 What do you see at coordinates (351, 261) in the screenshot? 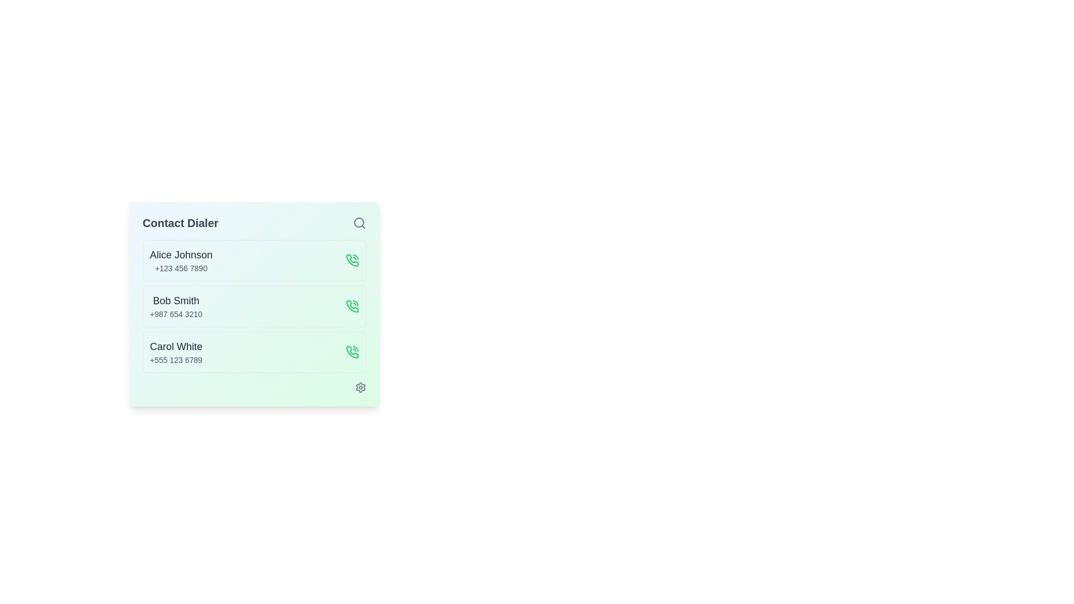
I see `the green phone call icon associated with 'Alice Johnson'` at bounding box center [351, 261].